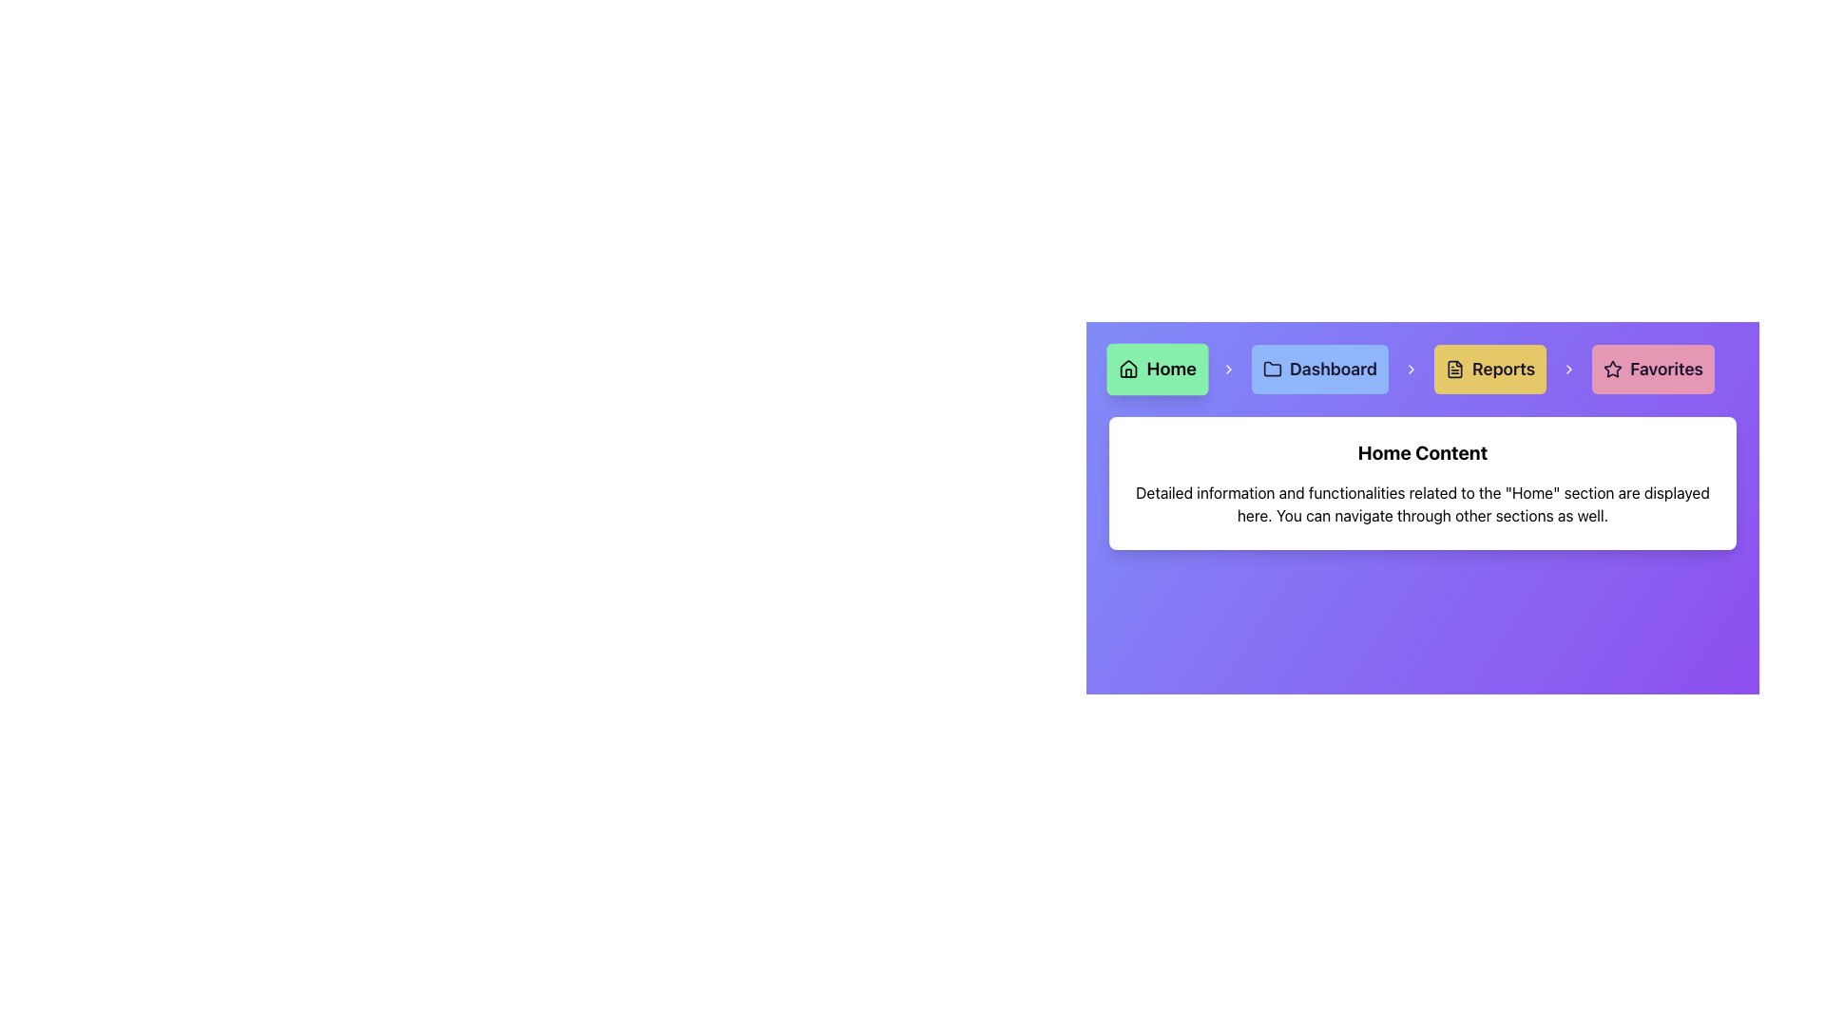  I want to click on text of the bolded label 'Home' located in the green-highlighted button at the top-left of the navigation bar, immediately to the right of the house icon, so click(1170, 370).